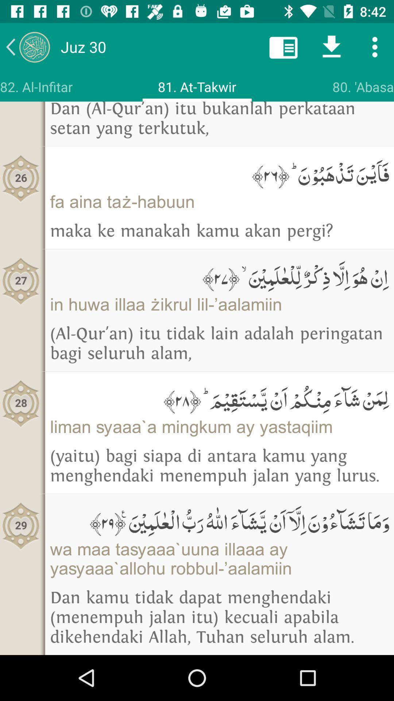 The width and height of the screenshot is (394, 701). I want to click on icon below dan al qur, so click(219, 173).